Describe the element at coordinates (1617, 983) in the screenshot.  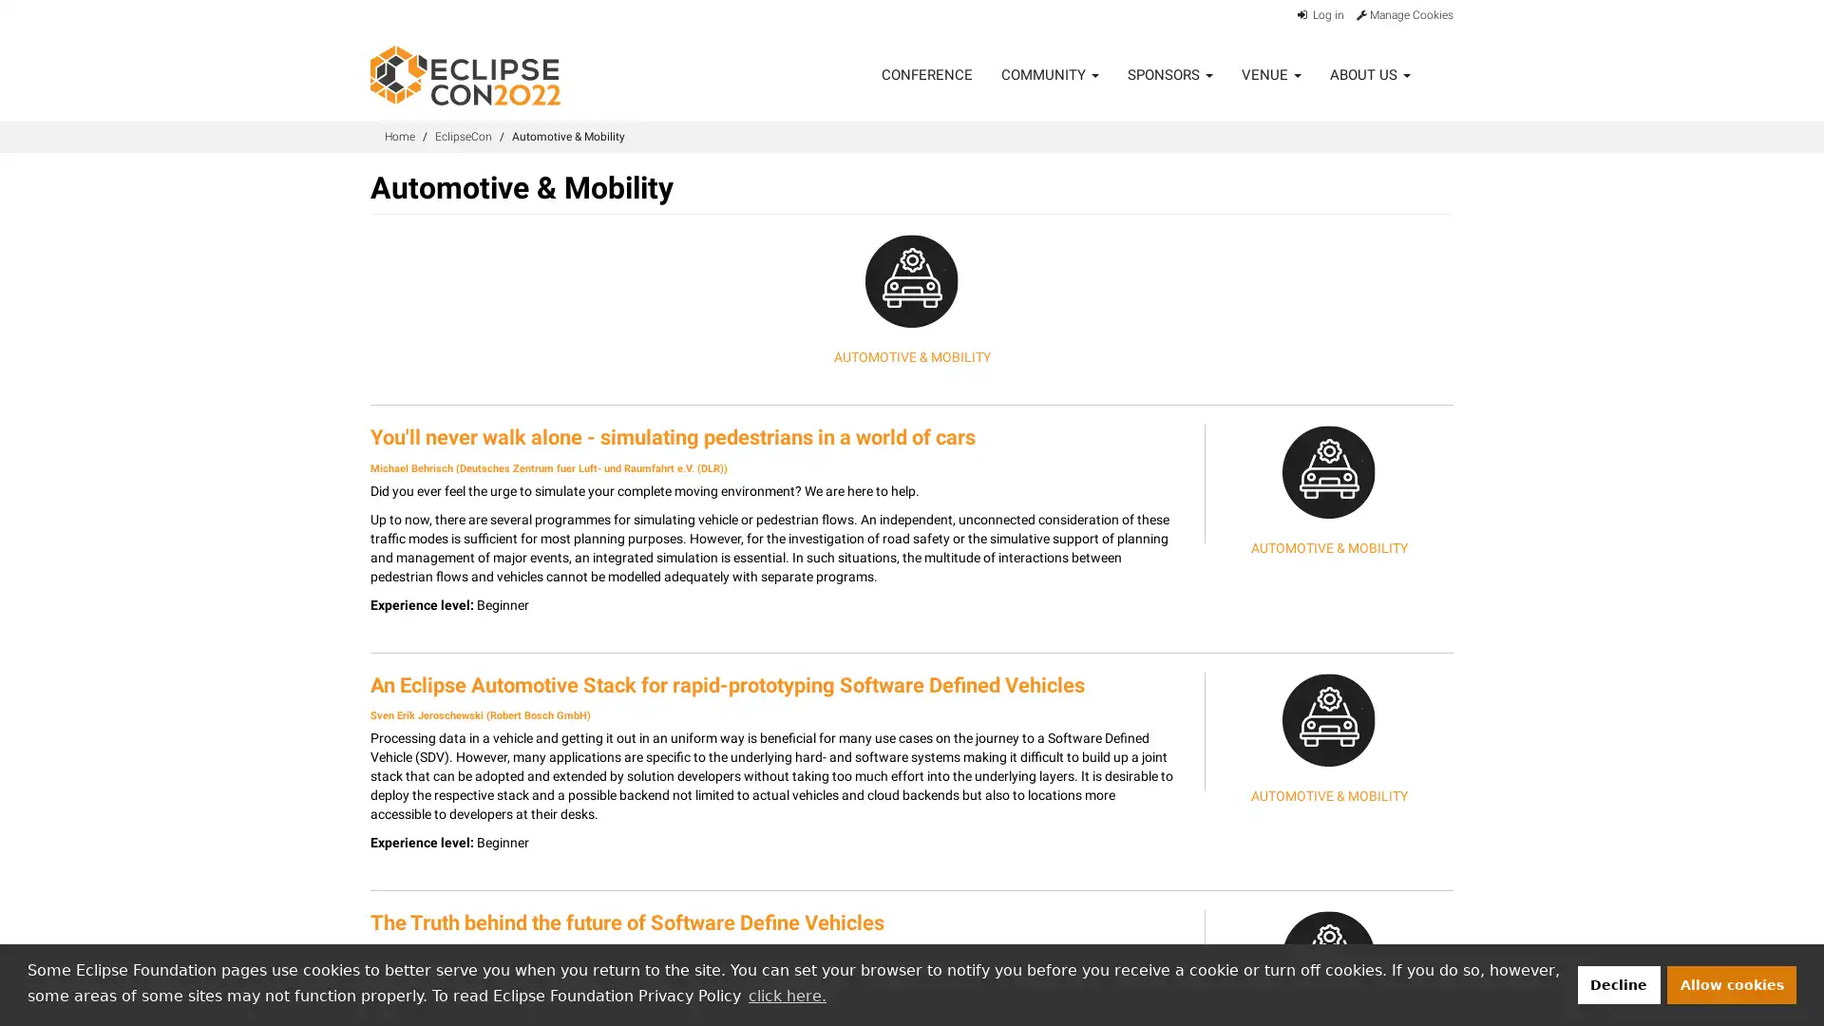
I see `deny cookies` at that location.